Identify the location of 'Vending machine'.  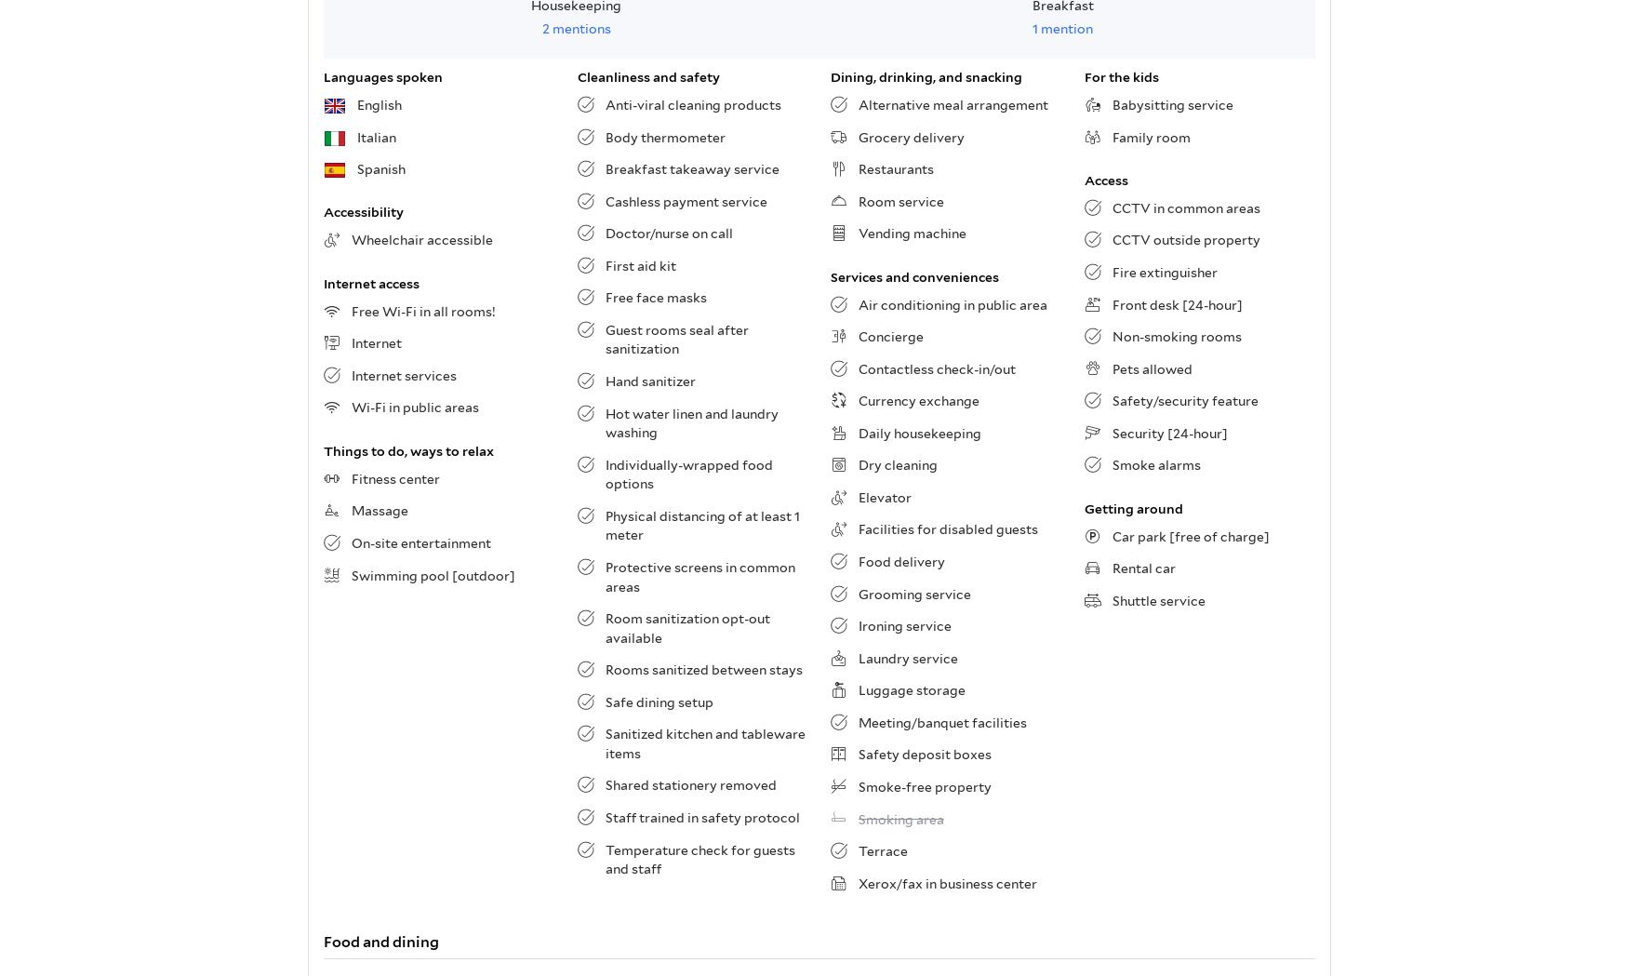
(858, 233).